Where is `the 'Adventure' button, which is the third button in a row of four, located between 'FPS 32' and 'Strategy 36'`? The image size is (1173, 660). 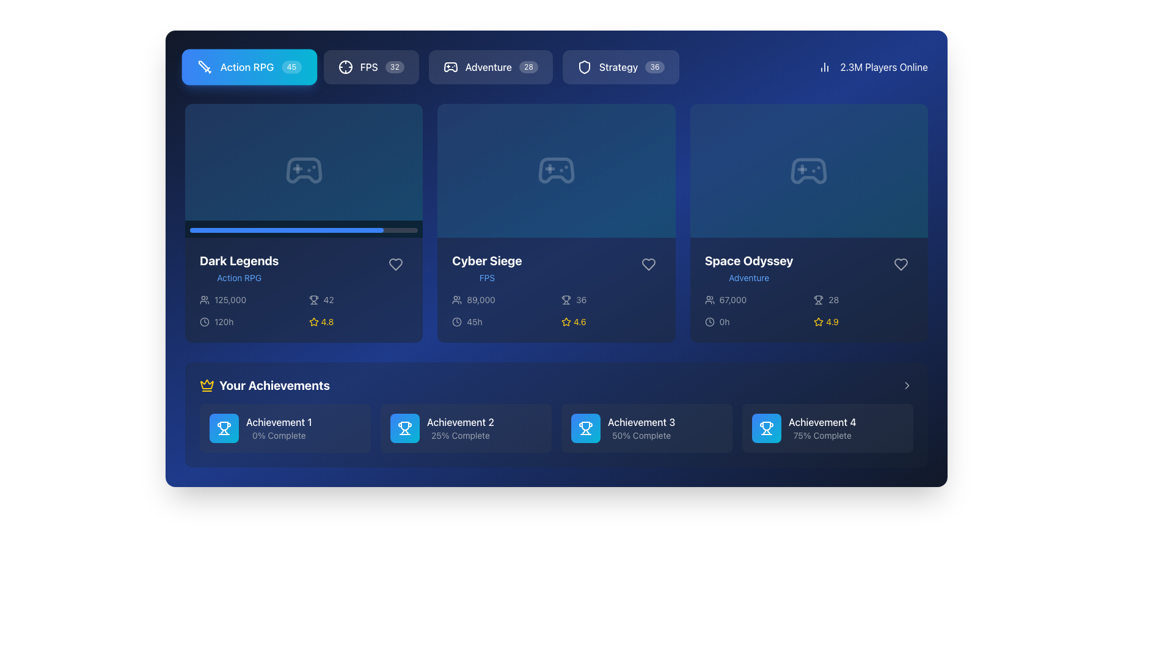 the 'Adventure' button, which is the third button in a row of four, located between 'FPS 32' and 'Strategy 36' is located at coordinates (432, 67).